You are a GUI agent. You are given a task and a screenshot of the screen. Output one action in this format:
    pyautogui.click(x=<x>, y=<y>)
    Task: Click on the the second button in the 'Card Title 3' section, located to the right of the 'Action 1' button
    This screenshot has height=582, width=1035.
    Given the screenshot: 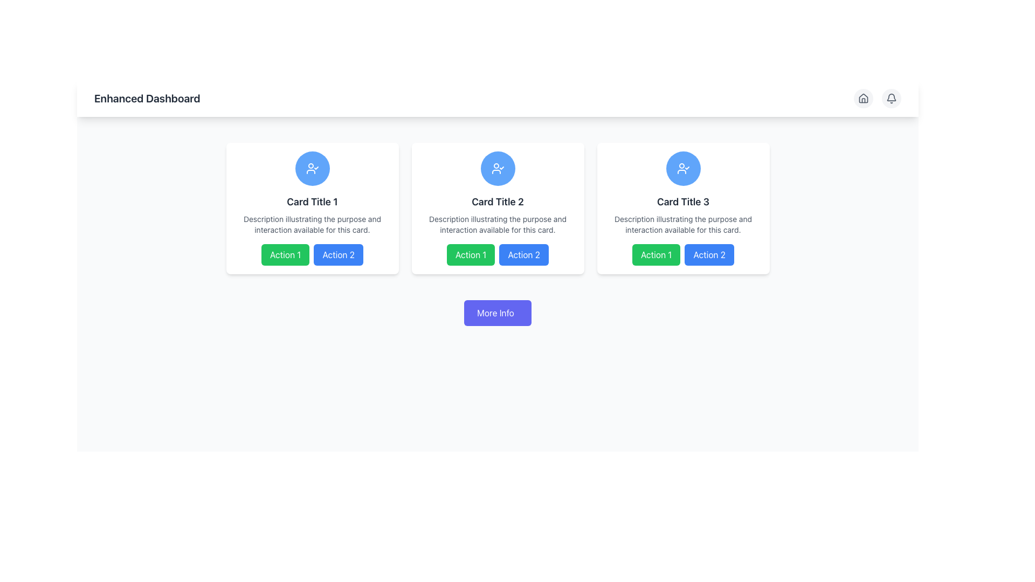 What is the action you would take?
    pyautogui.click(x=709, y=255)
    